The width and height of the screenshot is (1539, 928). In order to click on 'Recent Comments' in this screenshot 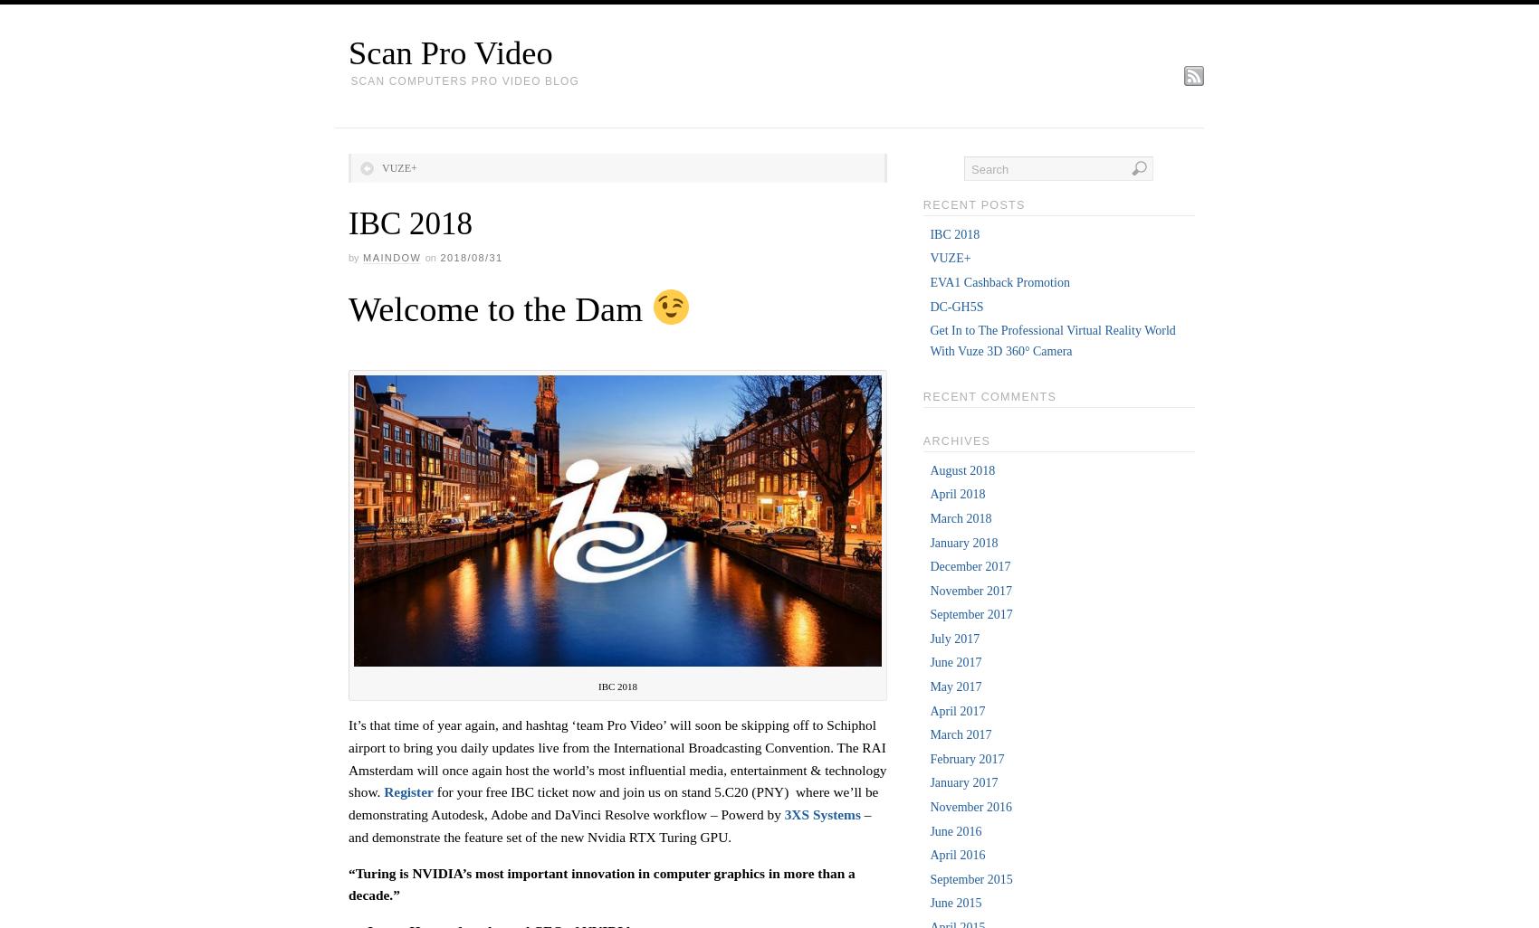, I will do `click(921, 395)`.